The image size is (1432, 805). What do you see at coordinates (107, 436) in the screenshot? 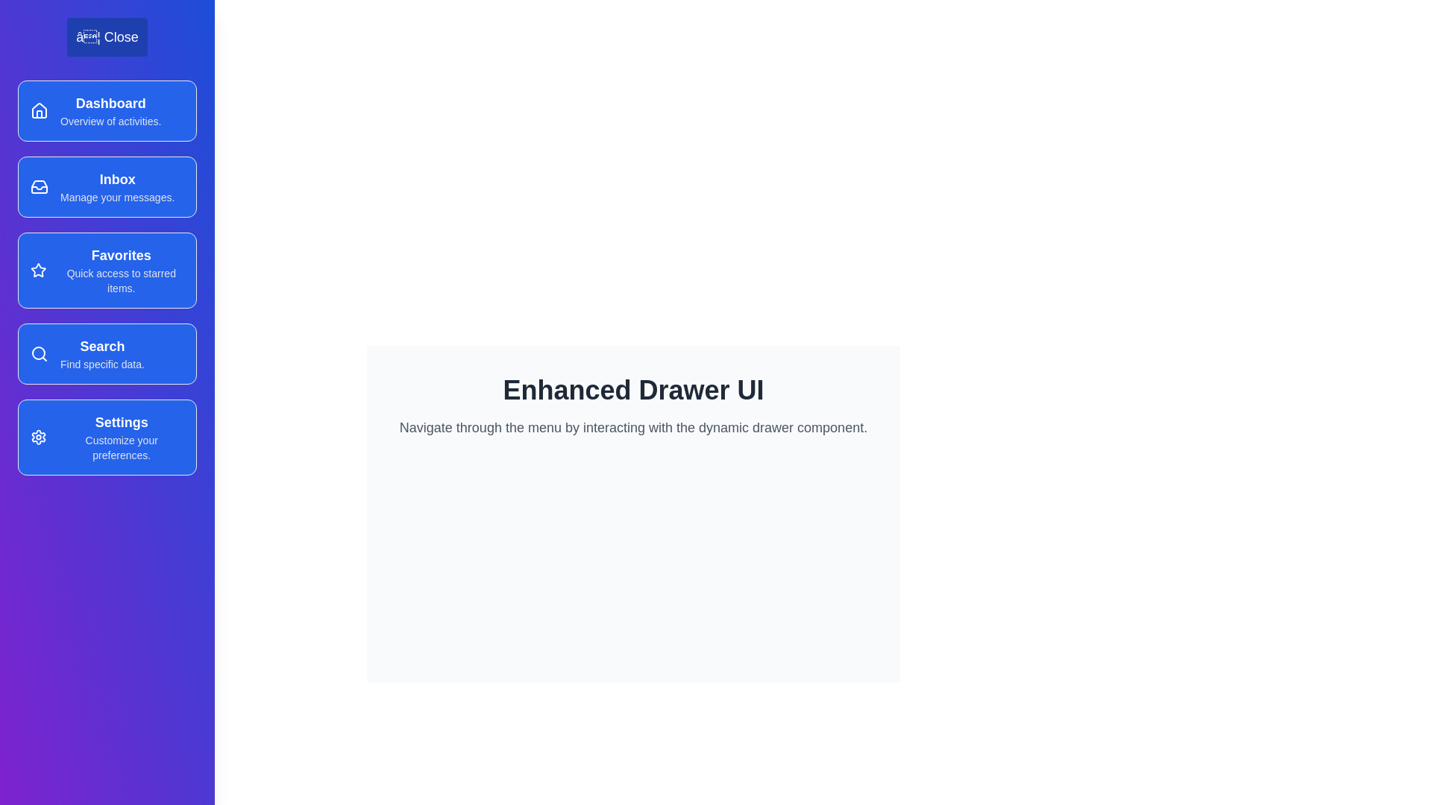
I see `the menu item Settings` at bounding box center [107, 436].